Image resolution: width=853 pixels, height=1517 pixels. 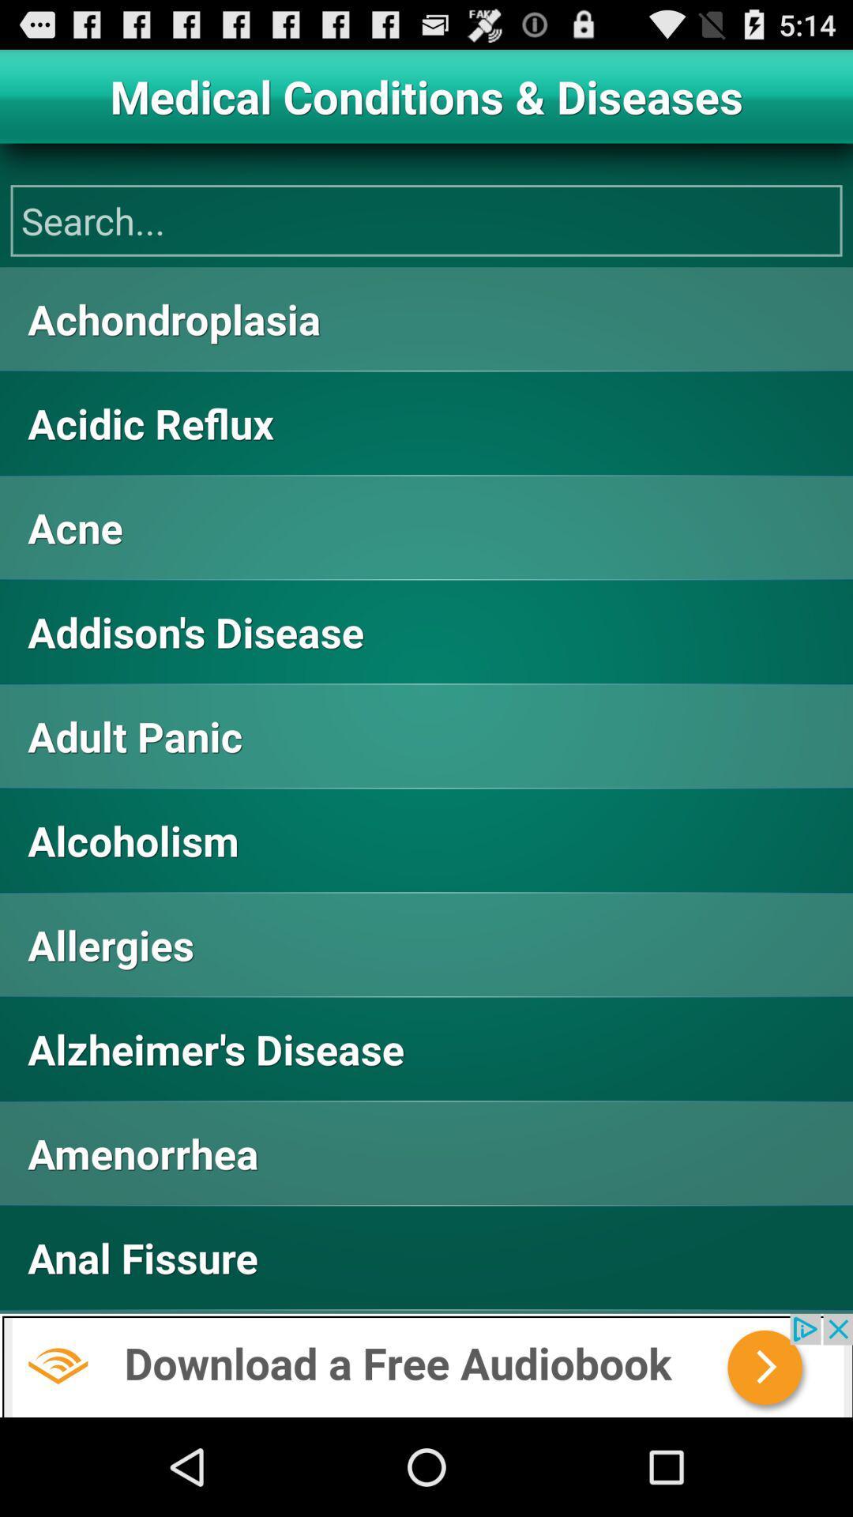 I want to click on the audiobook, so click(x=426, y=1365).